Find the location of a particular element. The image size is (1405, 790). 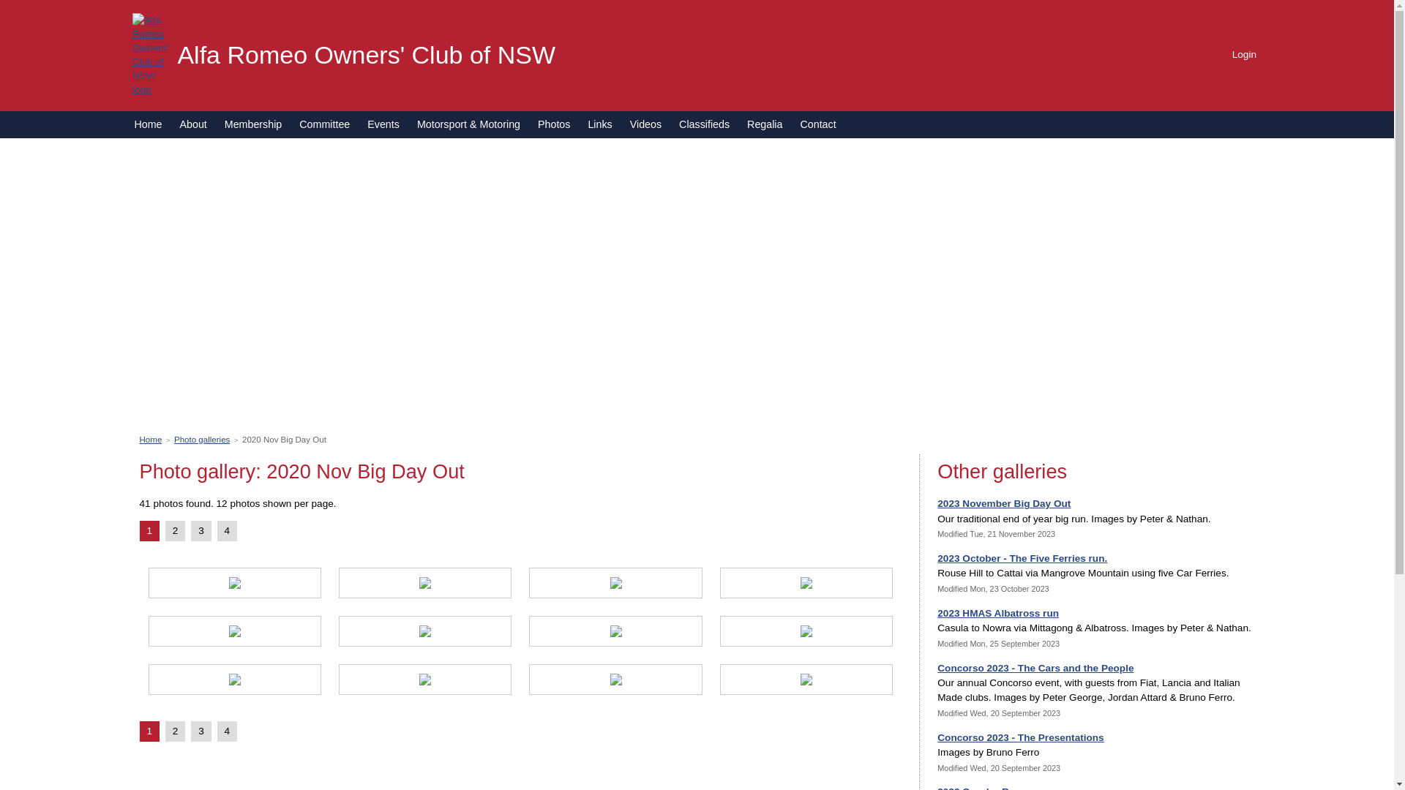

'Login' is located at coordinates (1237, 53).